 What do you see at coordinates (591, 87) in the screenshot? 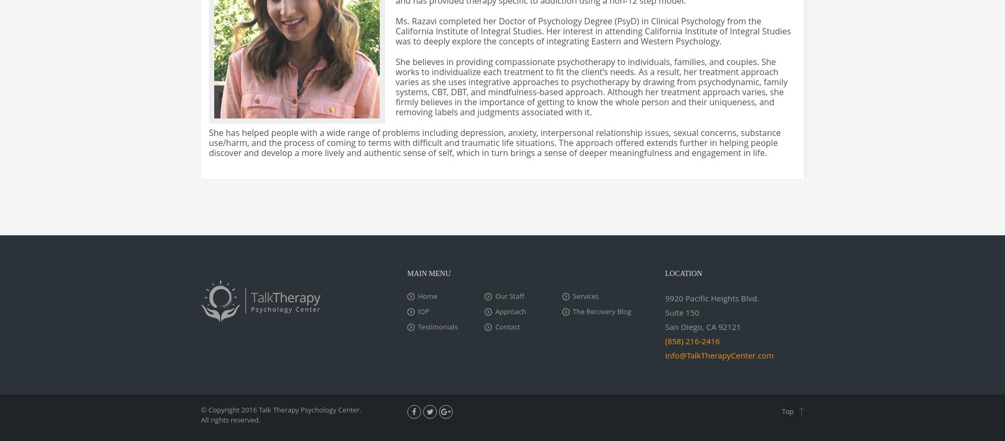
I see `'She believes in providing compassionate psychotherapy to individuals, families, and couples. She works to individualize each treatment to fit the client’s needs. As a result, her treatment approach varies as she uses integrative approaches to psychotherapy by drawing from psychodynamic, family systems, CBT, DBT, and mindfulness-based approach. Although her treatment approach varies, she firmly believes in the importance of getting to know the whole person and their uniqueness, and removing labels and judgments associated with it.'` at bounding box center [591, 87].